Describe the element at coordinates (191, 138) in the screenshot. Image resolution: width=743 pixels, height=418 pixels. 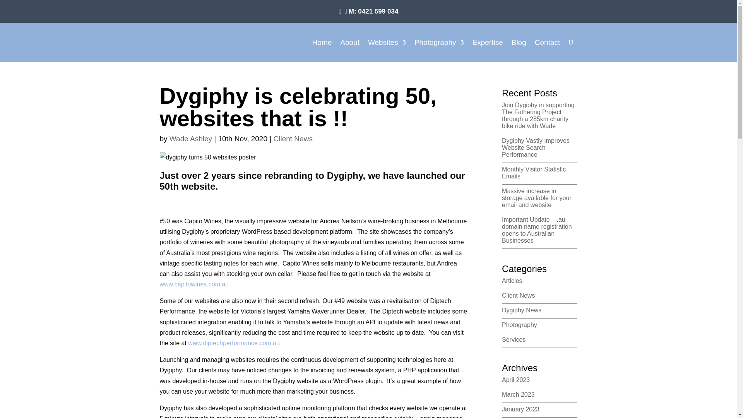
I see `'Wade Ashley'` at that location.